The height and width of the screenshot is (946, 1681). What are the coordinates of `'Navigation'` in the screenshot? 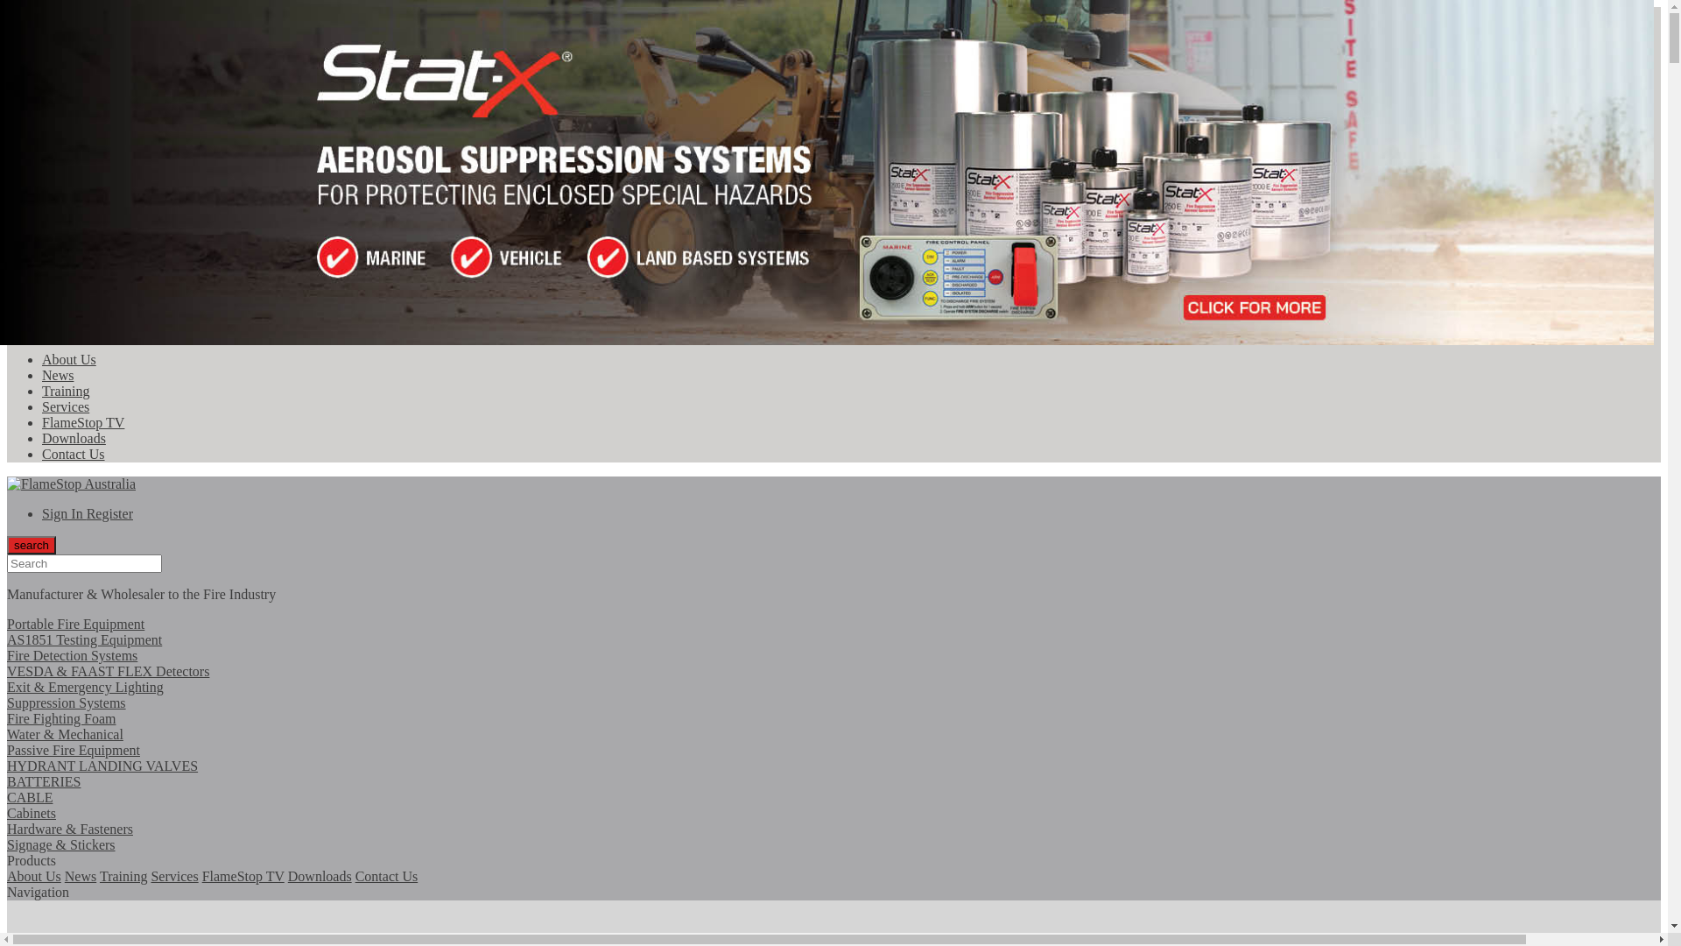 It's located at (38, 892).